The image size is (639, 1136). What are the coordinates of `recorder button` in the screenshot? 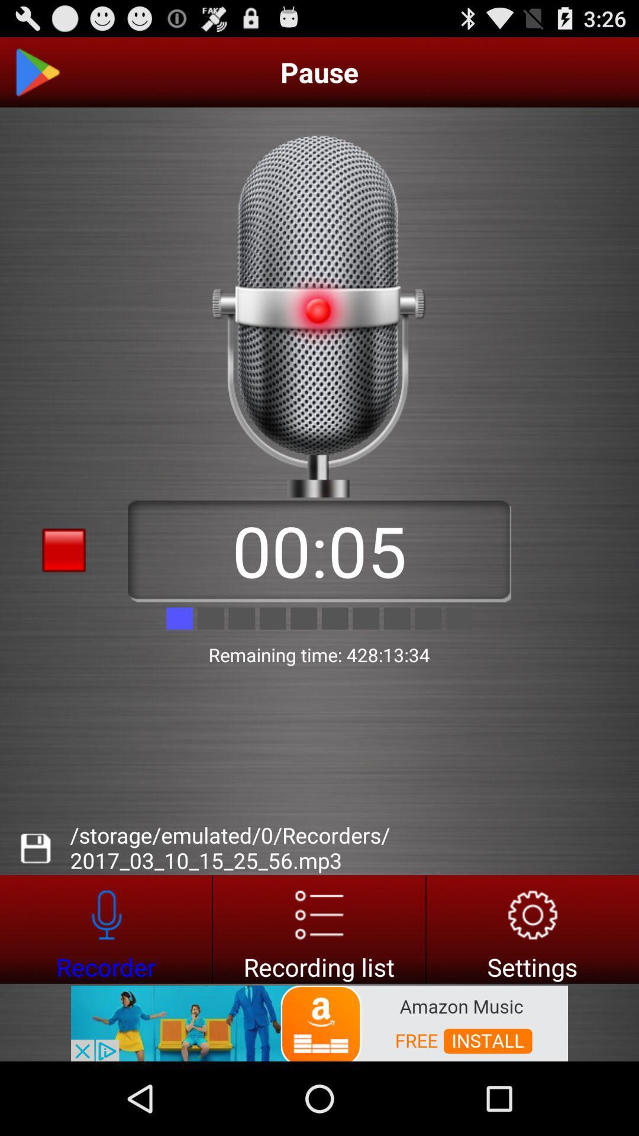 It's located at (105, 928).